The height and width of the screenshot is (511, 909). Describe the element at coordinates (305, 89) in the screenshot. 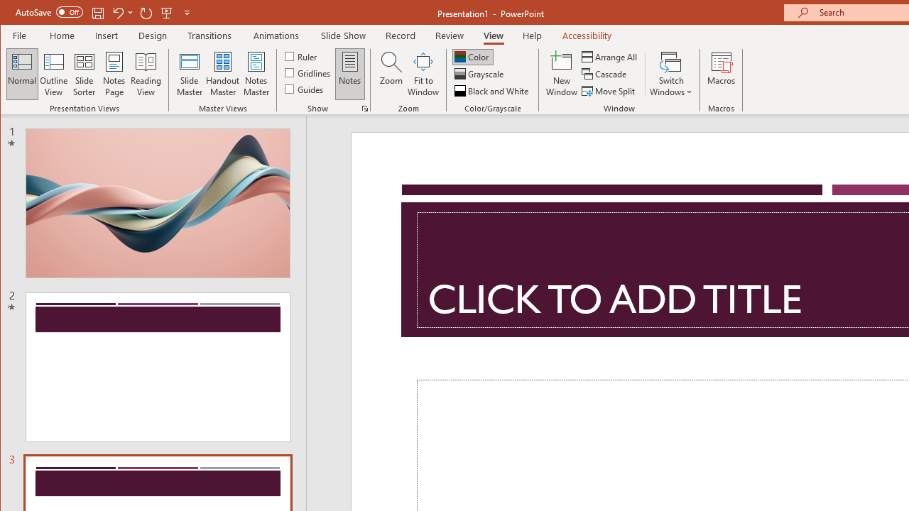

I see `'Guides'` at that location.